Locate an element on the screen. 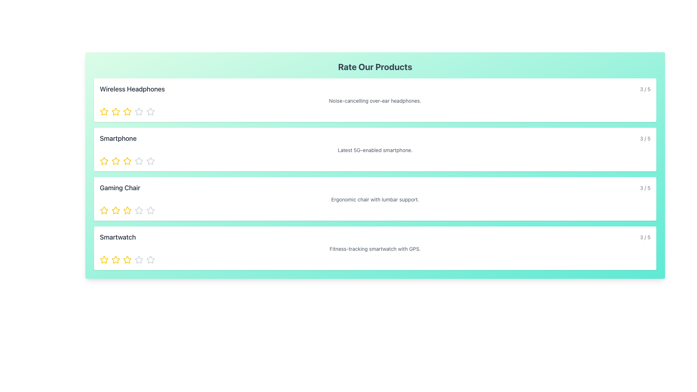 This screenshot has height=392, width=697. the fourth star icon in the rating system for the 'Wireless Headphones' product for keyboard navigation is located at coordinates (139, 111).